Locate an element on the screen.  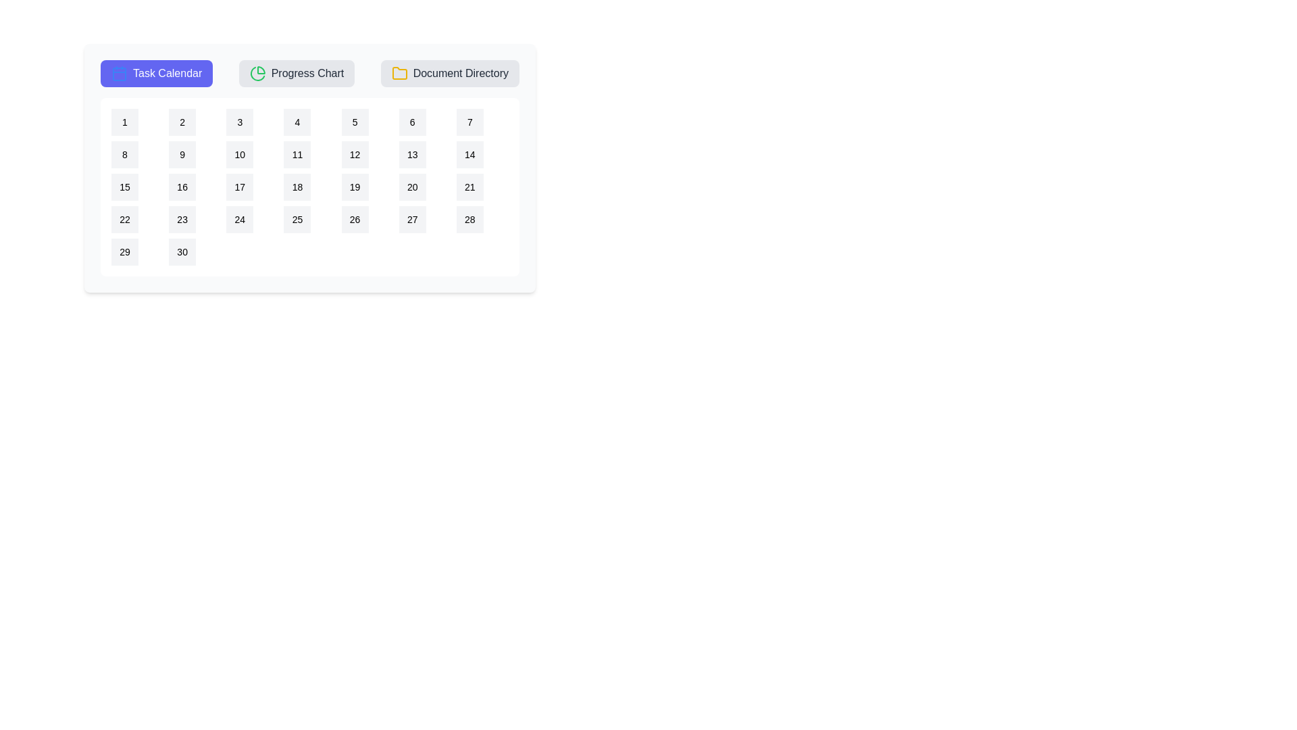
the calendar date 20 is located at coordinates (411, 187).